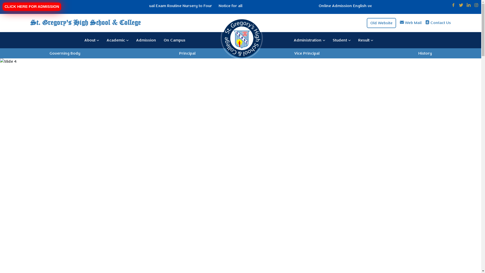 The image size is (485, 273). What do you see at coordinates (187, 53) in the screenshot?
I see `'Principal'` at bounding box center [187, 53].